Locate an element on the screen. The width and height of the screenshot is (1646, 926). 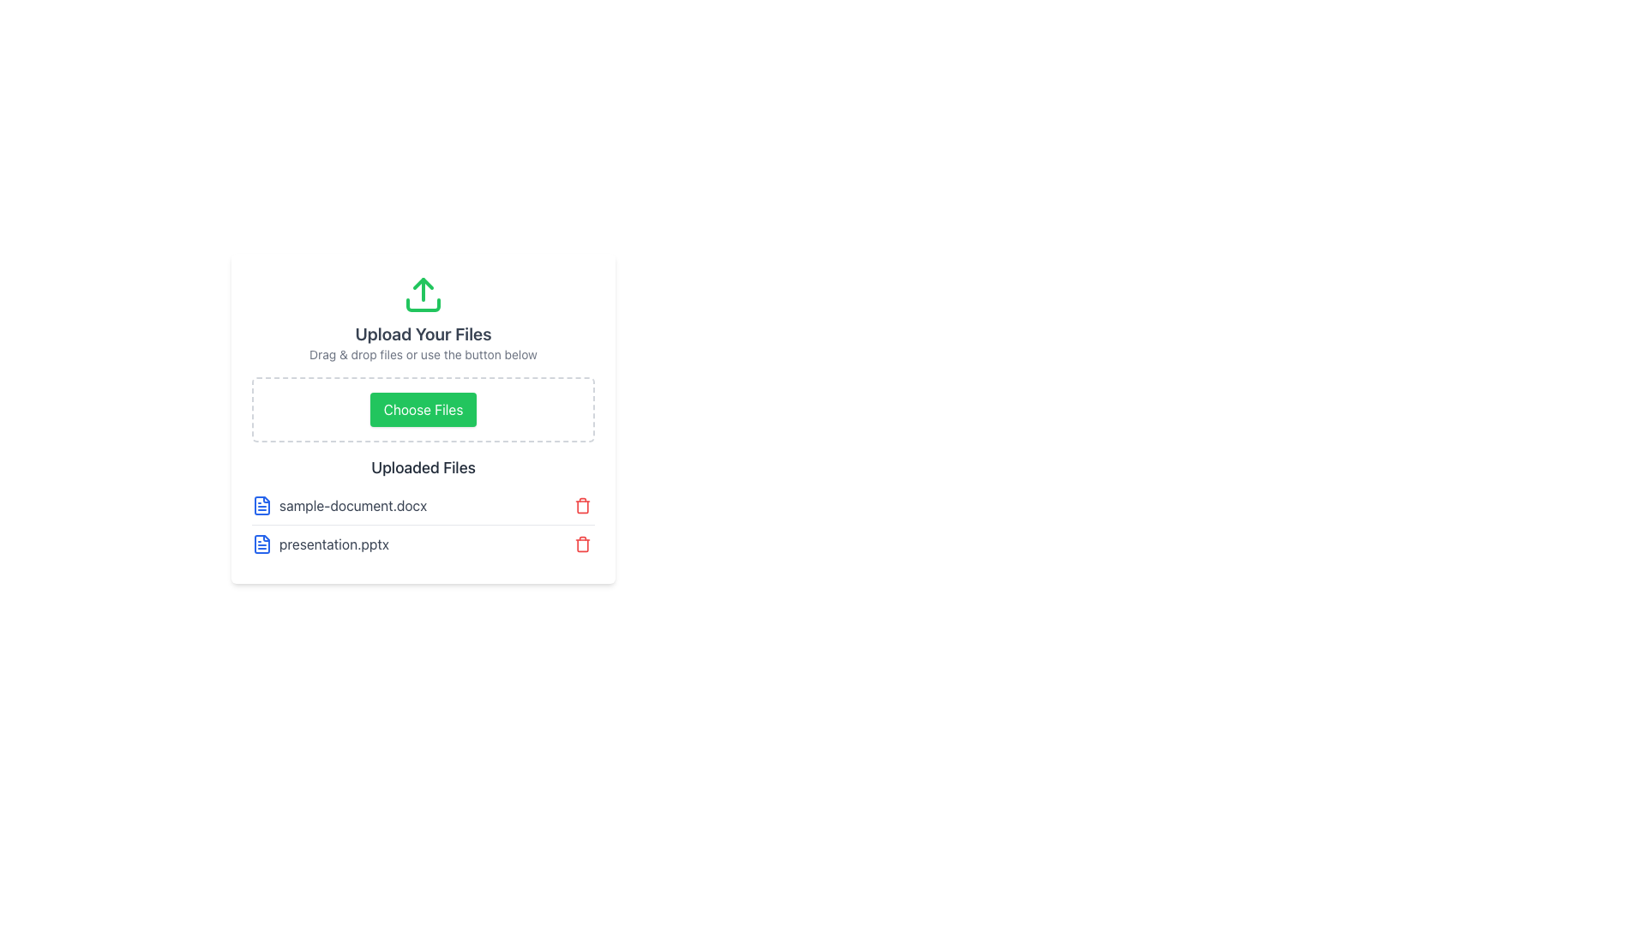
the 'Choose Files' button is located at coordinates (424, 410).